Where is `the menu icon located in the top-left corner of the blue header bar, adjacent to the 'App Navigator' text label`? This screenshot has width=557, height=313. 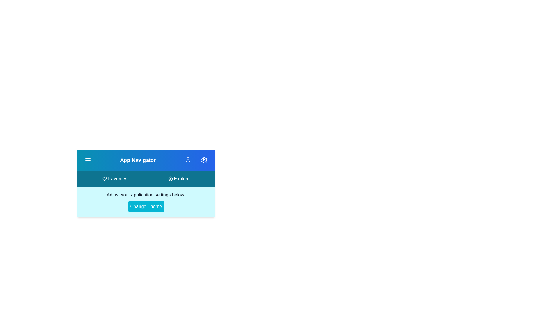
the menu icon located in the top-left corner of the blue header bar, adjacent to the 'App Navigator' text label is located at coordinates (87, 160).